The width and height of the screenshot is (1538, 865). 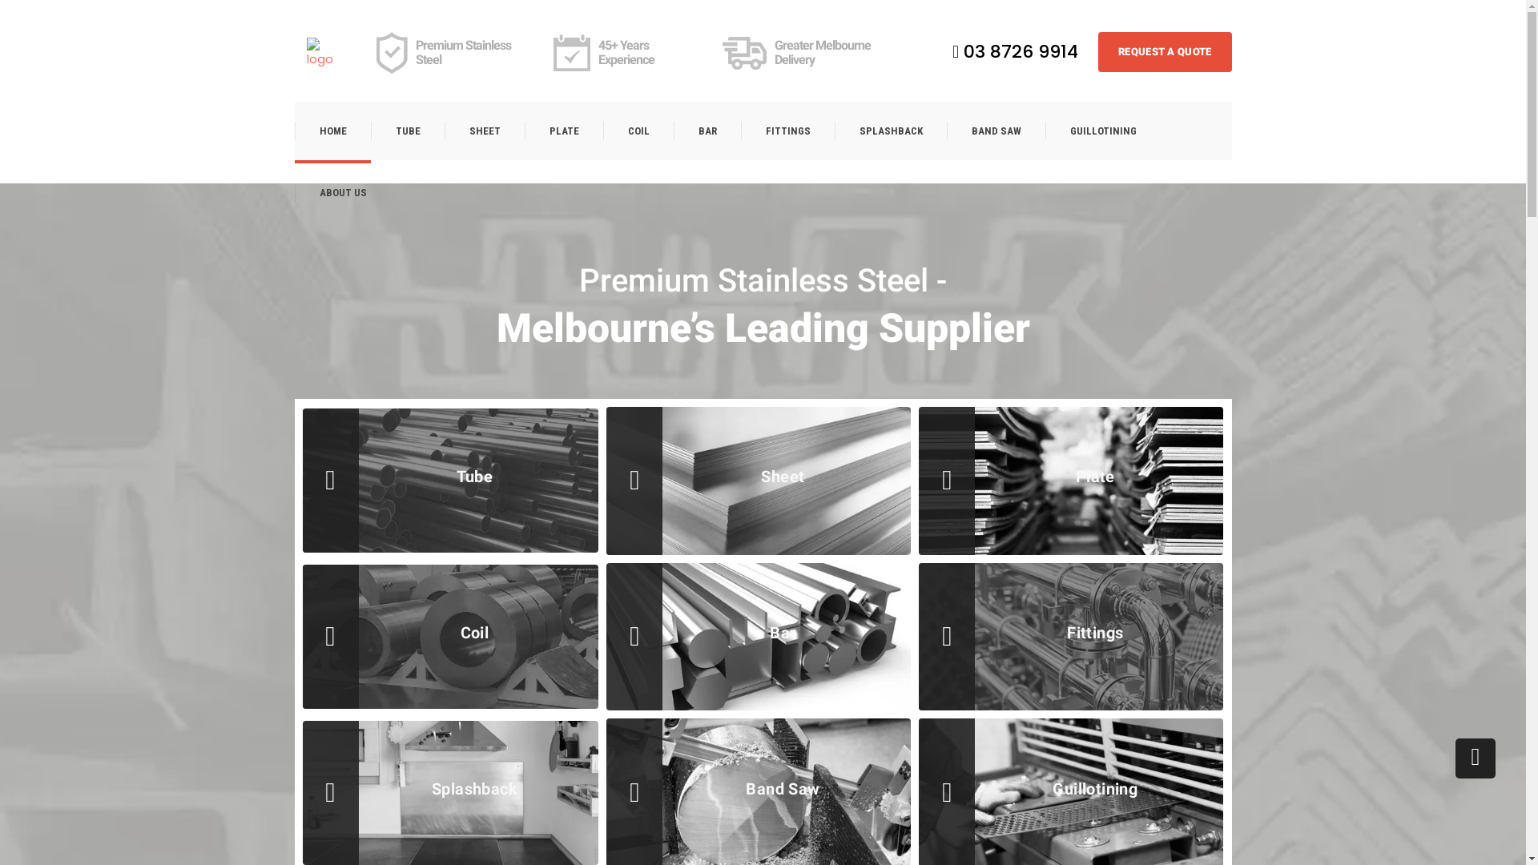 What do you see at coordinates (637, 130) in the screenshot?
I see `'COIL'` at bounding box center [637, 130].